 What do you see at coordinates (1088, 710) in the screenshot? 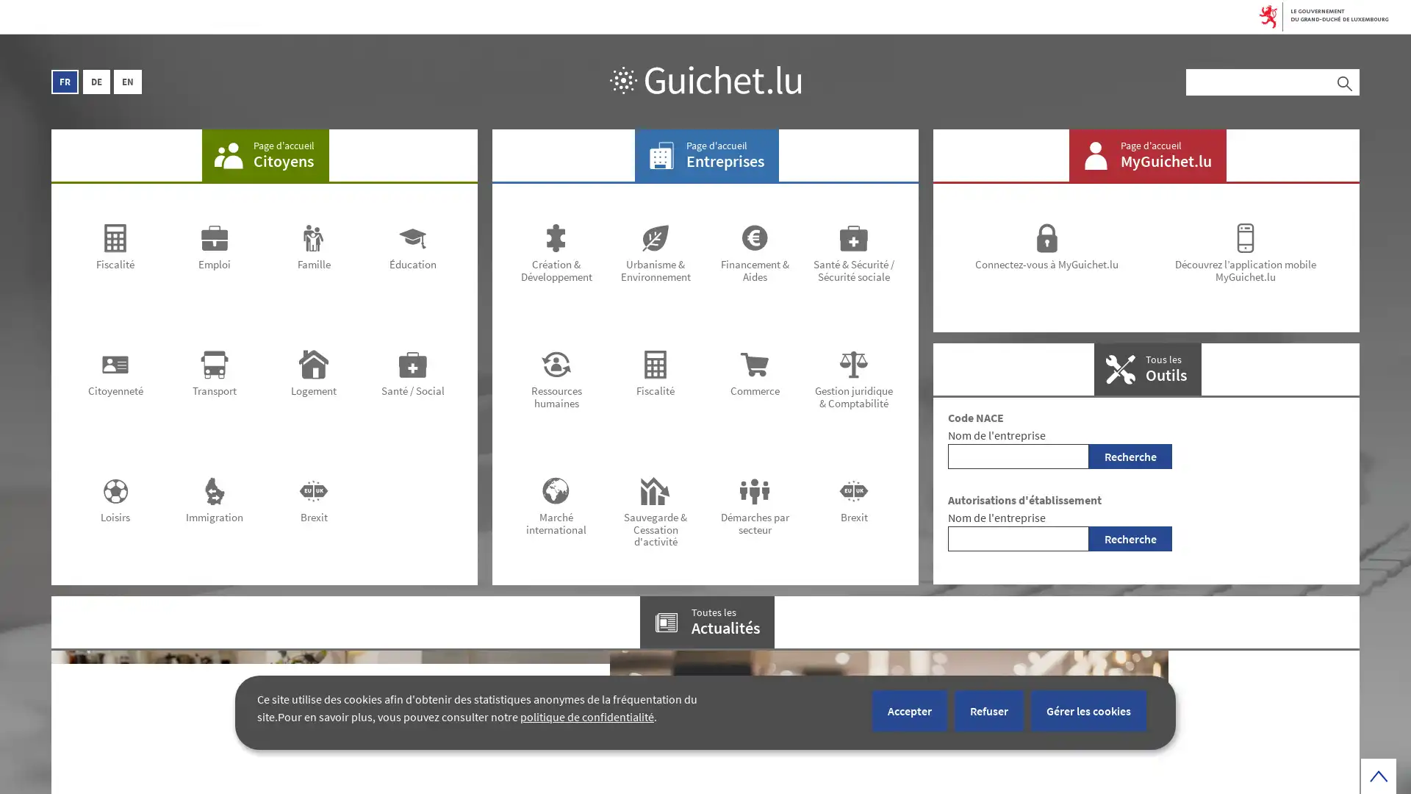
I see `Gerer les cookies` at bounding box center [1088, 710].